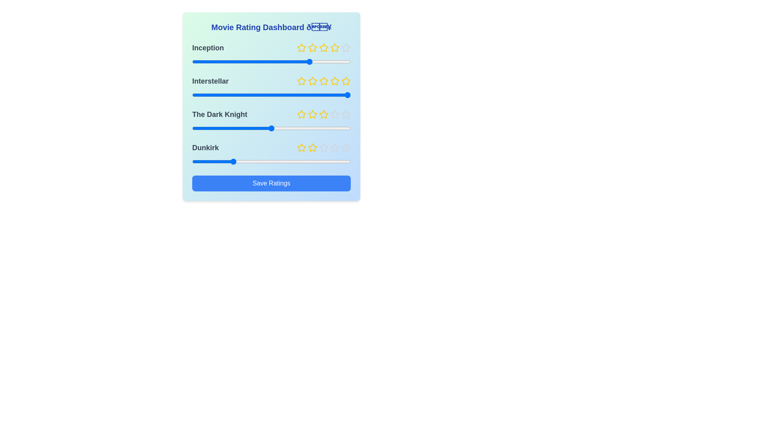  What do you see at coordinates (346, 48) in the screenshot?
I see `the rating for a movie to 5 stars by clicking on the corresponding star` at bounding box center [346, 48].